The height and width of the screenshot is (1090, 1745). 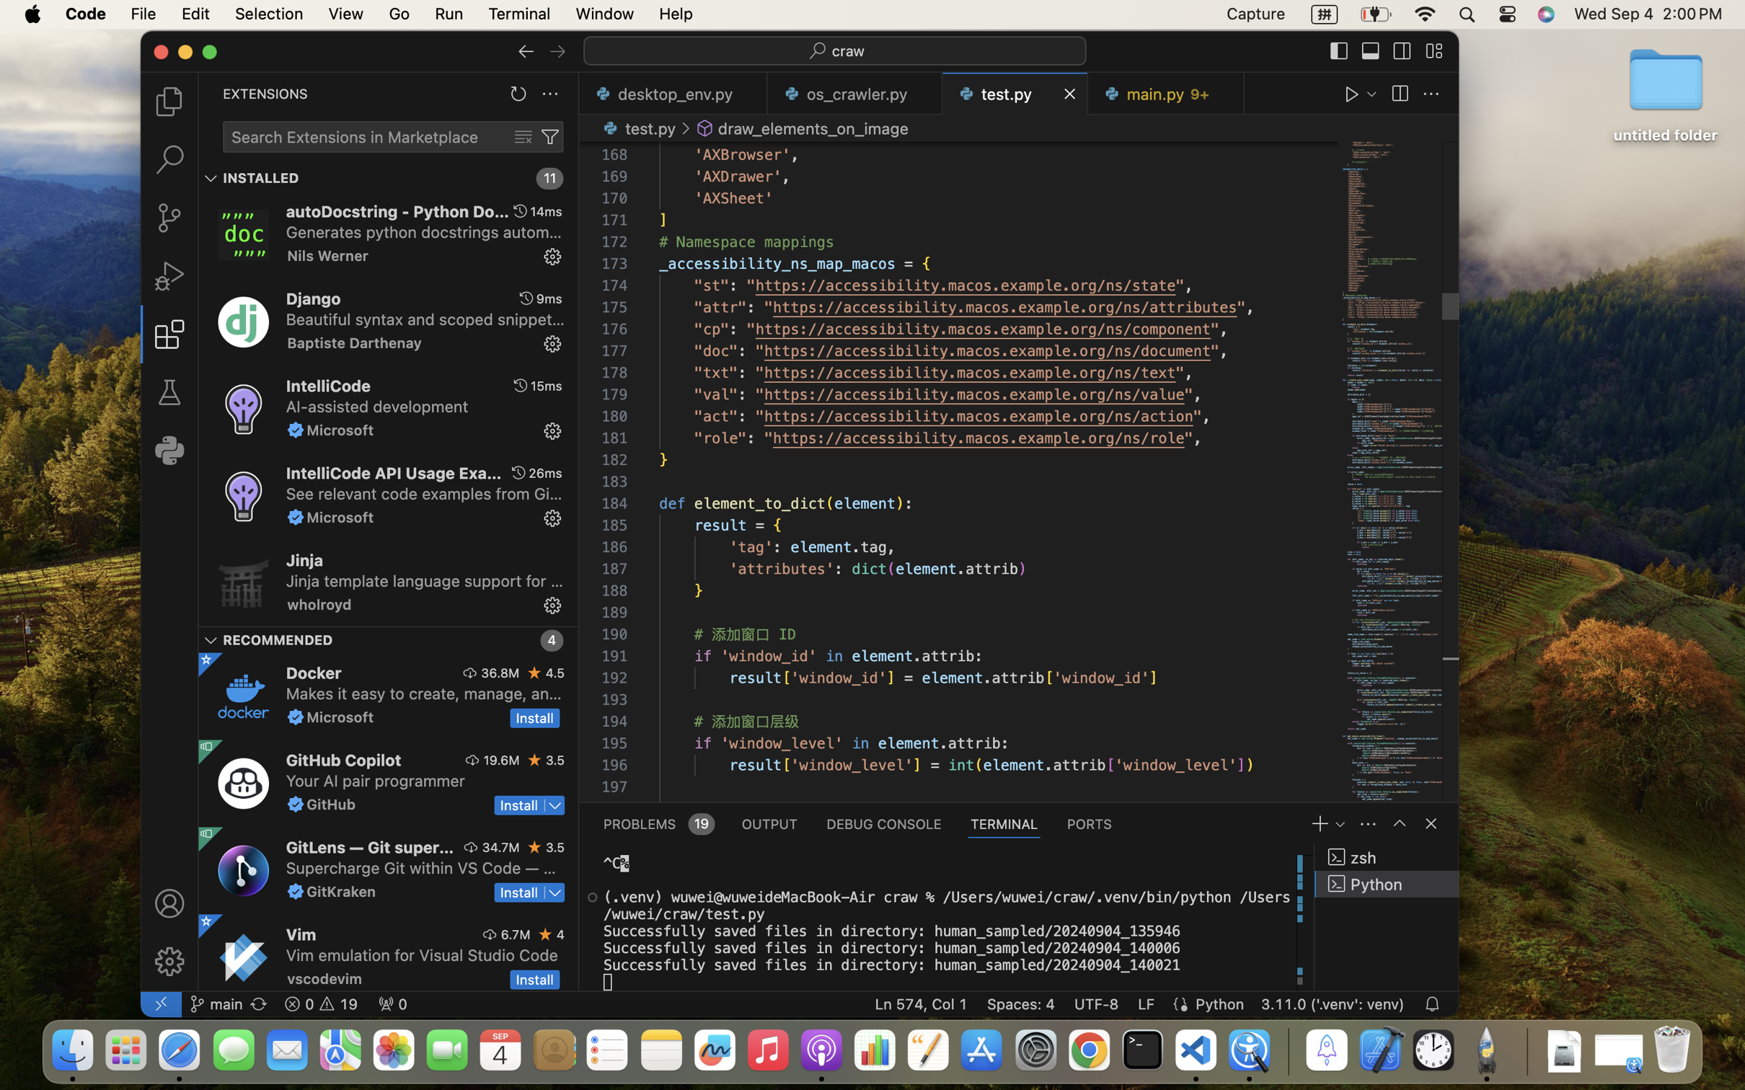 What do you see at coordinates (552, 256) in the screenshot?
I see `''` at bounding box center [552, 256].